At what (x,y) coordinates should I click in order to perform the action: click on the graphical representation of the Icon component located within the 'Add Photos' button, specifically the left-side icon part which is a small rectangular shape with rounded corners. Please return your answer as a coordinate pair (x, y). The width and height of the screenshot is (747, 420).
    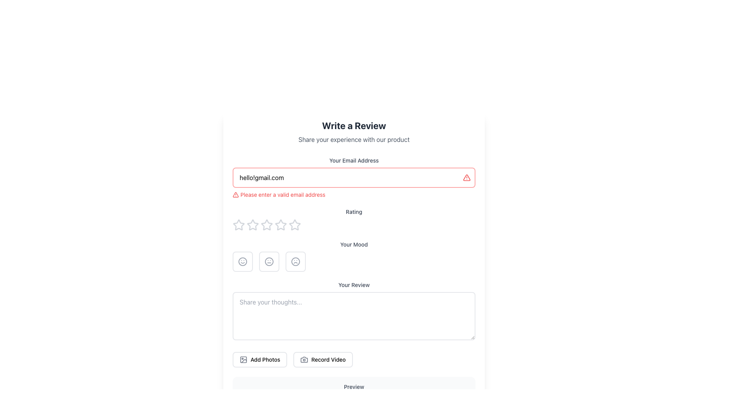
    Looking at the image, I should click on (243, 360).